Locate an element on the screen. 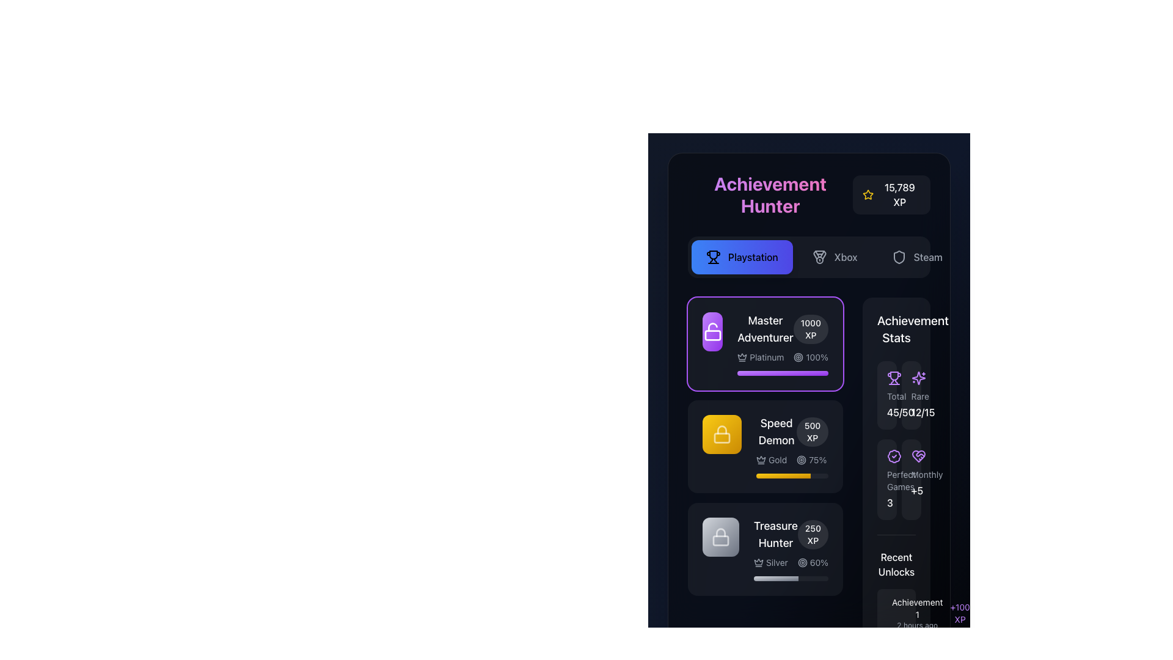  the lock icon indicating the locked status of an achievement, which is centered within a rounded rectangular button with a gradient fill from yellow to gold is located at coordinates (722, 433).